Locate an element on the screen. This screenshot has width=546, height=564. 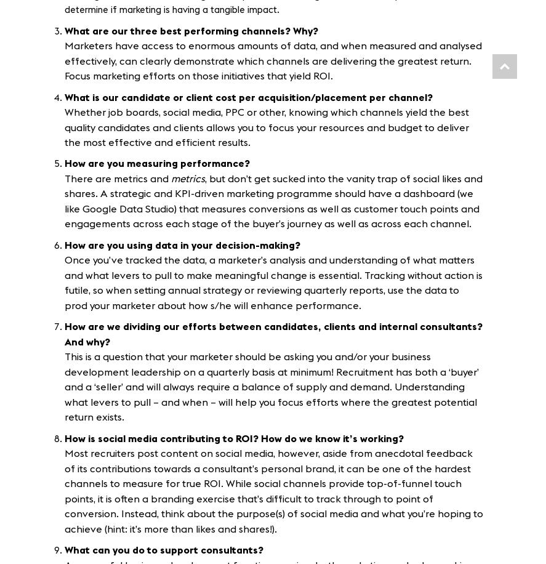
'What is our candidate or client cost per acquisition/placement per channel?' is located at coordinates (249, 97).